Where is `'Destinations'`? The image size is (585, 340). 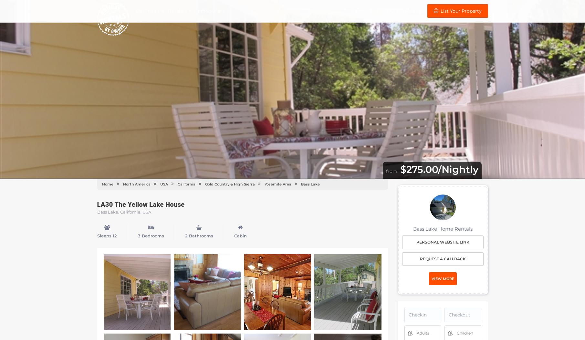 'Destinations' is located at coordinates (135, 11).